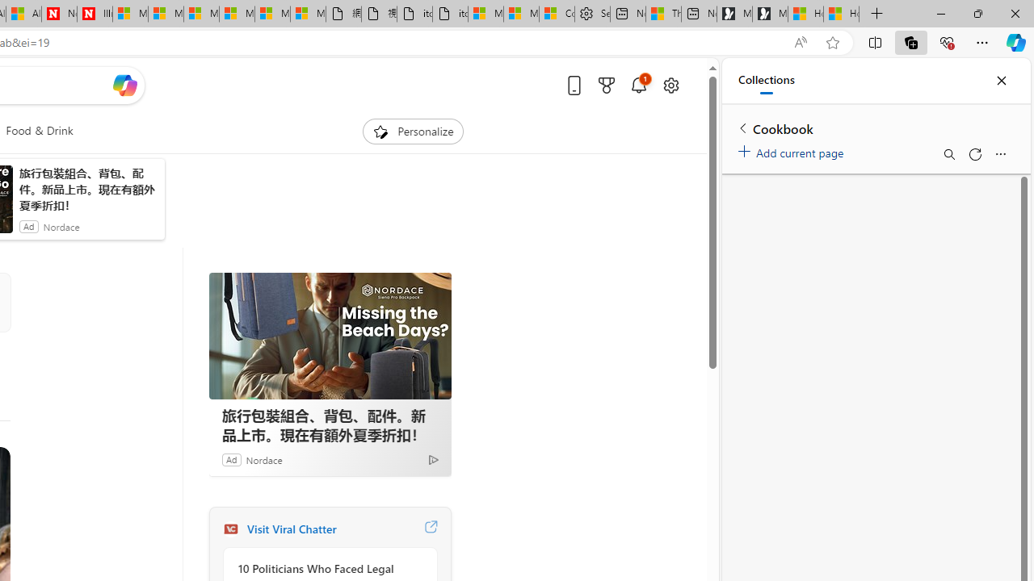  I want to click on 'Consumer Health Data Privacy Policy', so click(557, 14).